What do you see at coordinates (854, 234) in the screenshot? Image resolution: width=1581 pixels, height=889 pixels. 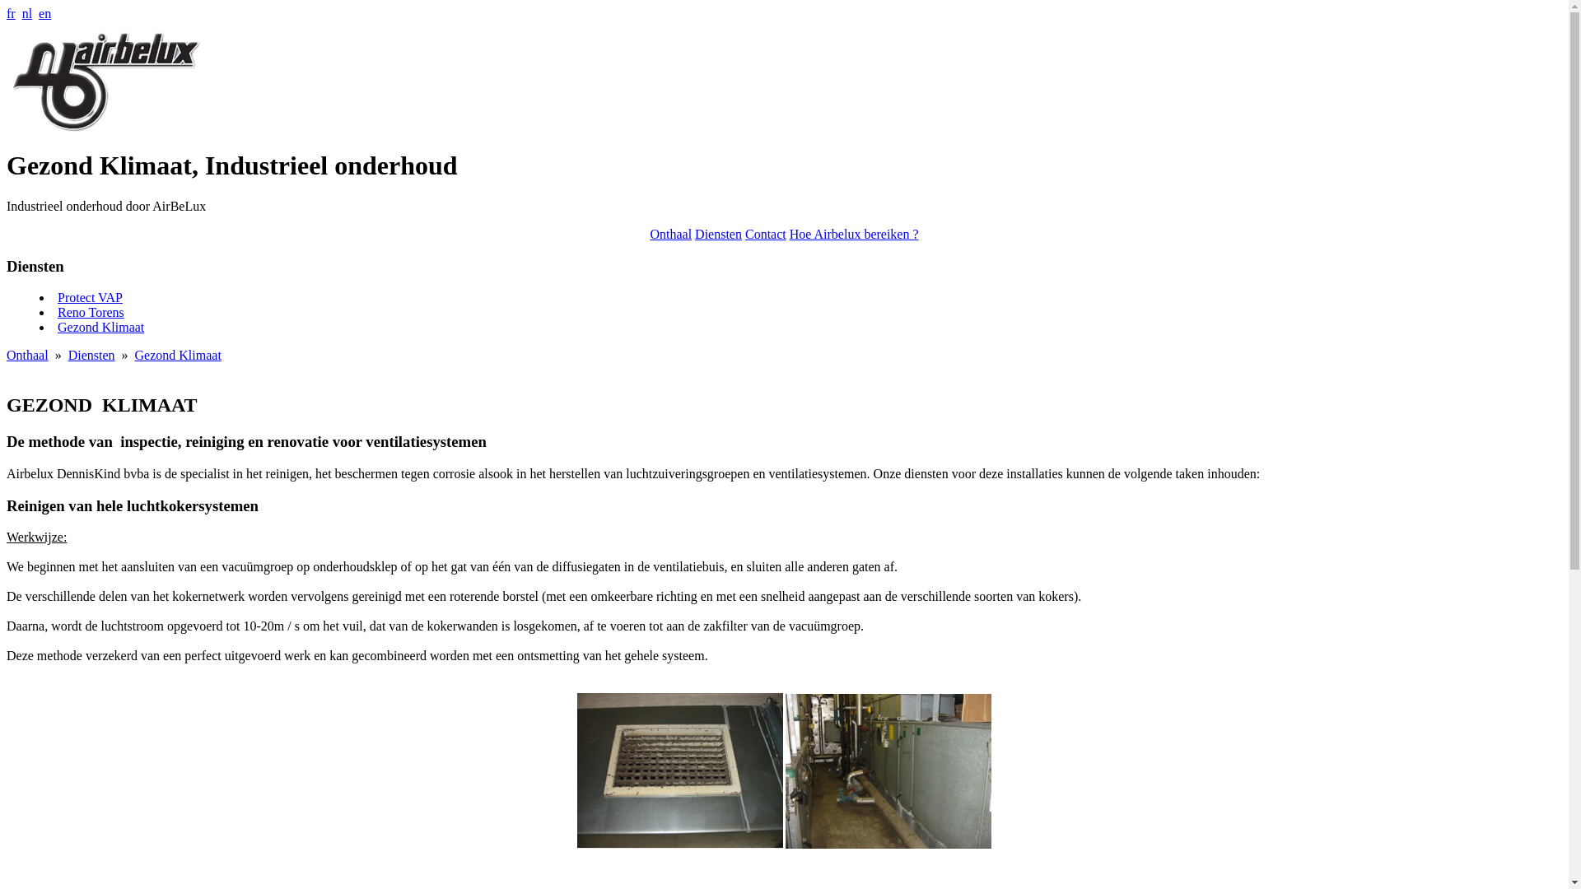 I see `'Hoe Airbelux bereiken ?'` at bounding box center [854, 234].